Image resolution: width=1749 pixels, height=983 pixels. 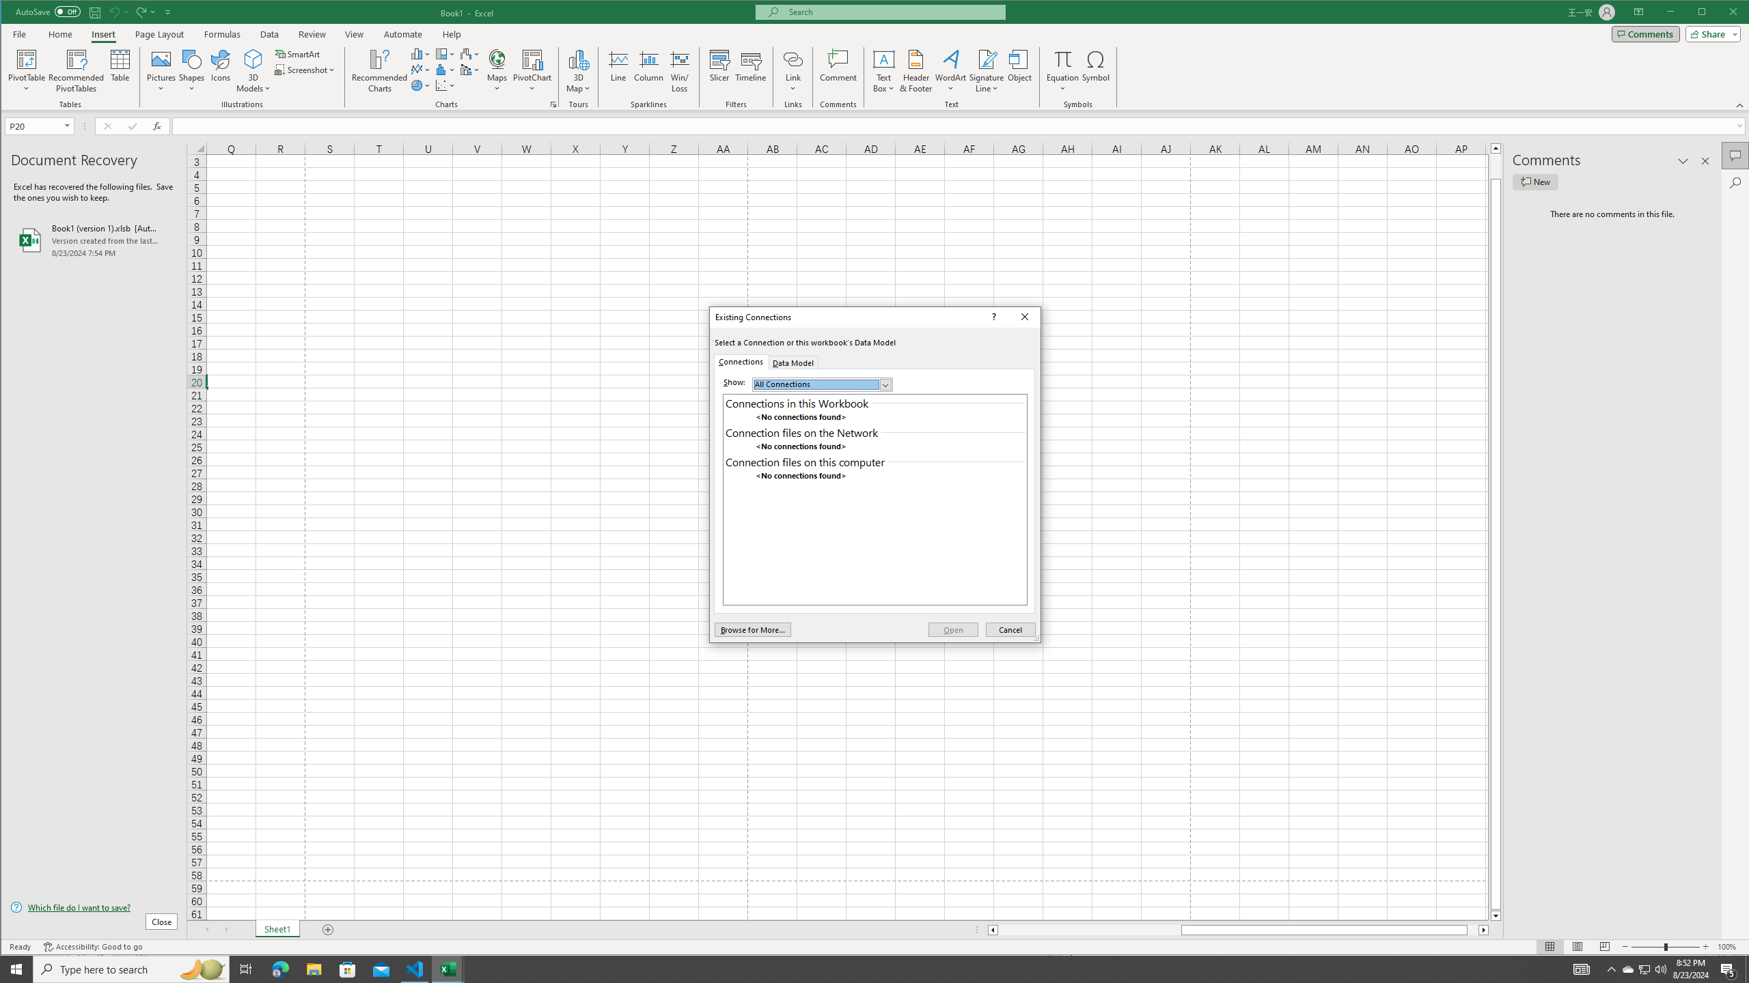 I want to click on 'Table', so click(x=120, y=70).